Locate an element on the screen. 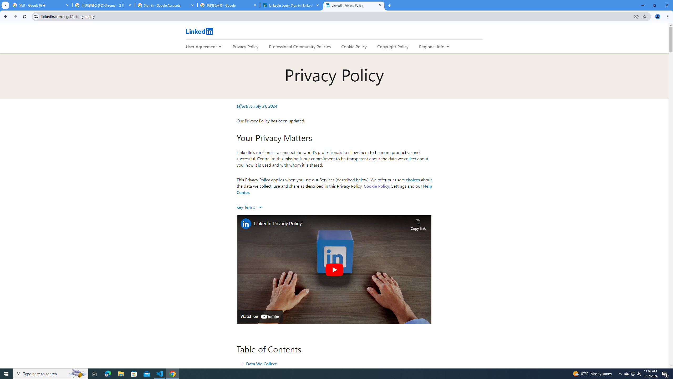 The image size is (673, 379). 'Photo image of LinkedIn' is located at coordinates (245, 223).